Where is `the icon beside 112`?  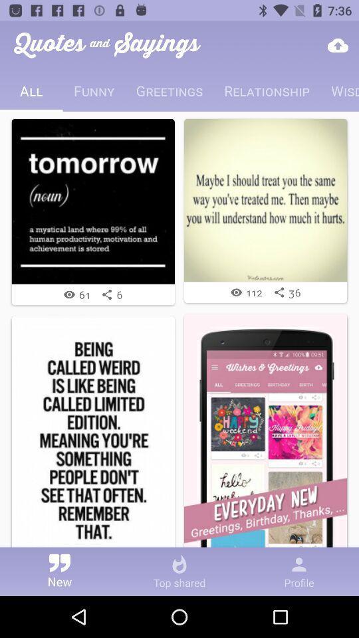 the icon beside 112 is located at coordinates (236, 292).